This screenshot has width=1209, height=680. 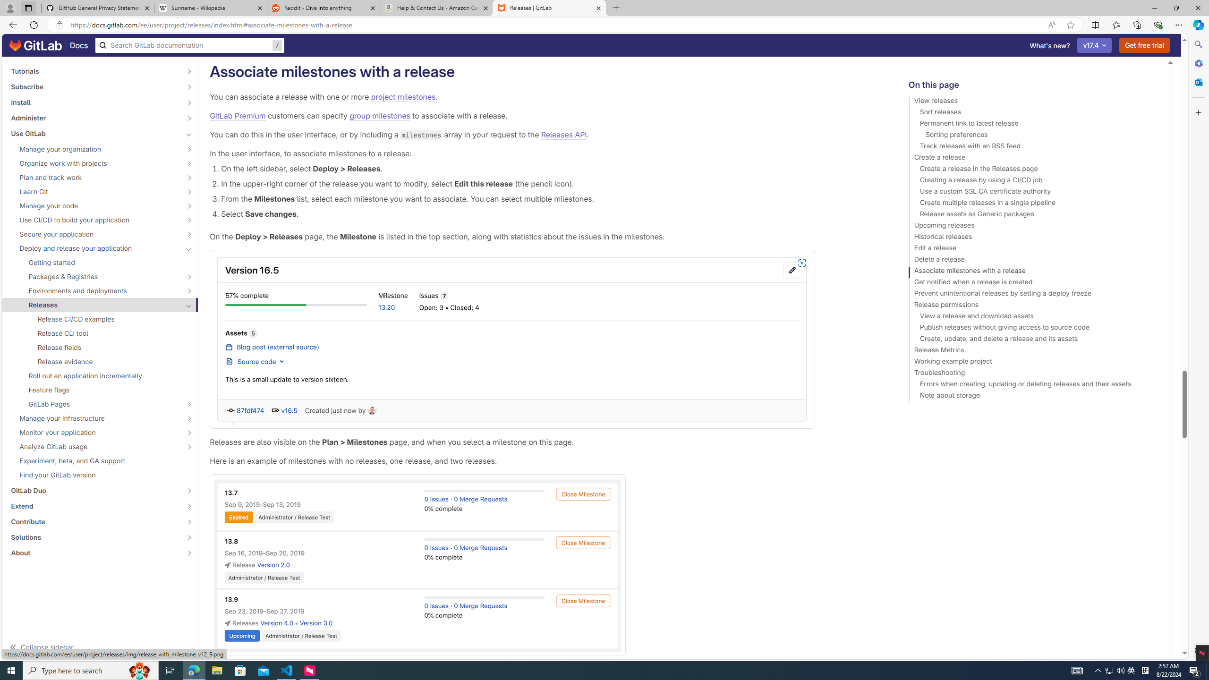 I want to click on 'View a release and download assets', so click(x=1033, y=317).